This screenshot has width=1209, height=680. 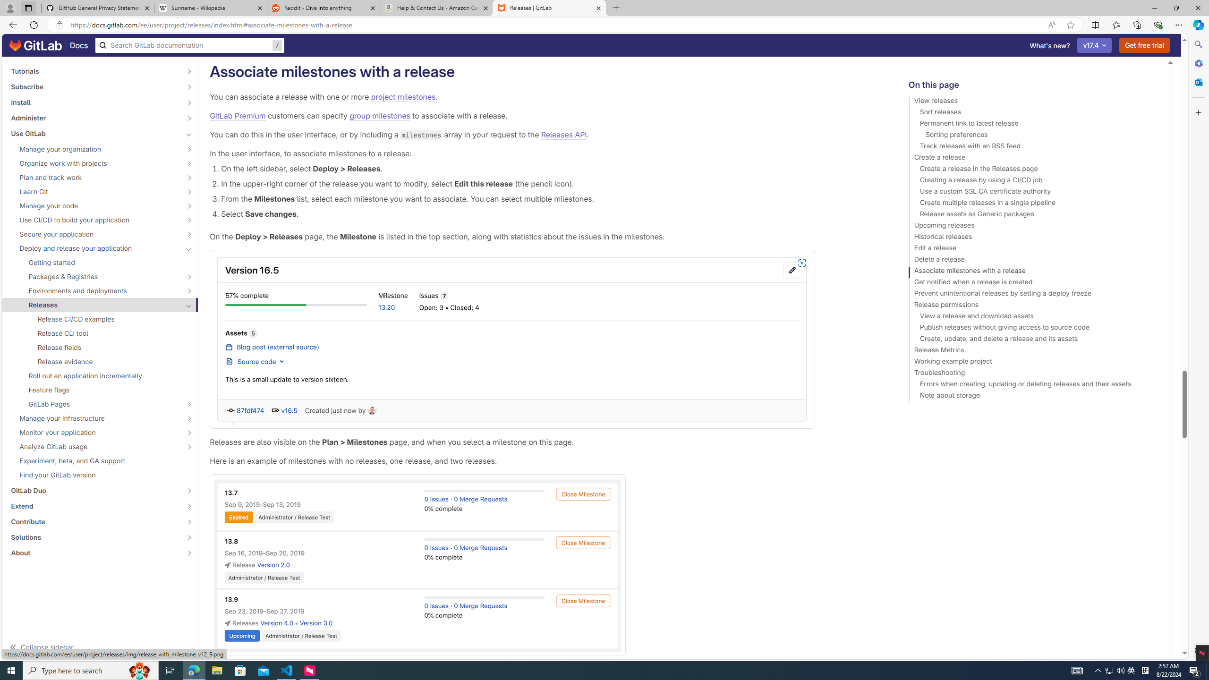 I want to click on 'View a release and download assets', so click(x=1033, y=317).